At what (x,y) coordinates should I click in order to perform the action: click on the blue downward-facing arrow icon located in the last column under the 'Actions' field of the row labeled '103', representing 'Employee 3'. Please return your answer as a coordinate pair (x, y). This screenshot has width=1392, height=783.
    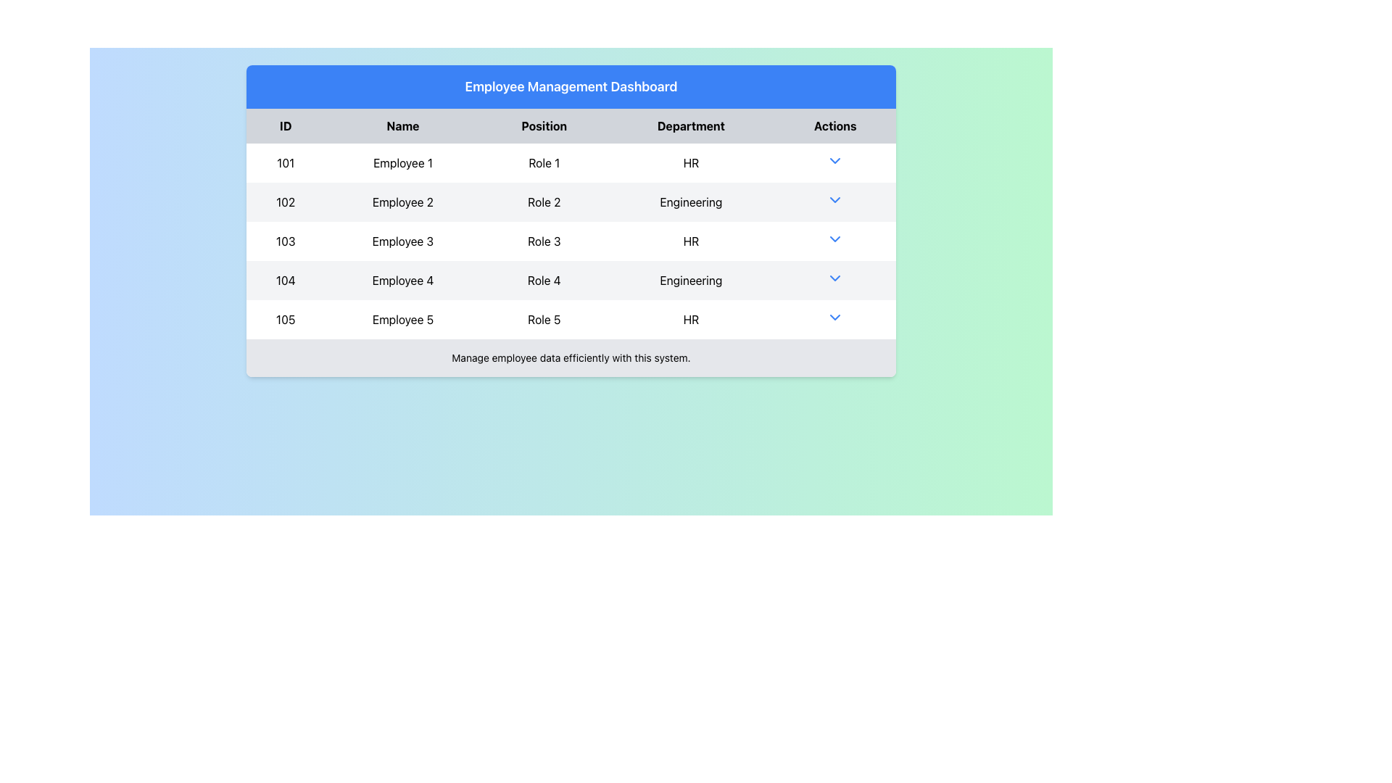
    Looking at the image, I should click on (835, 240).